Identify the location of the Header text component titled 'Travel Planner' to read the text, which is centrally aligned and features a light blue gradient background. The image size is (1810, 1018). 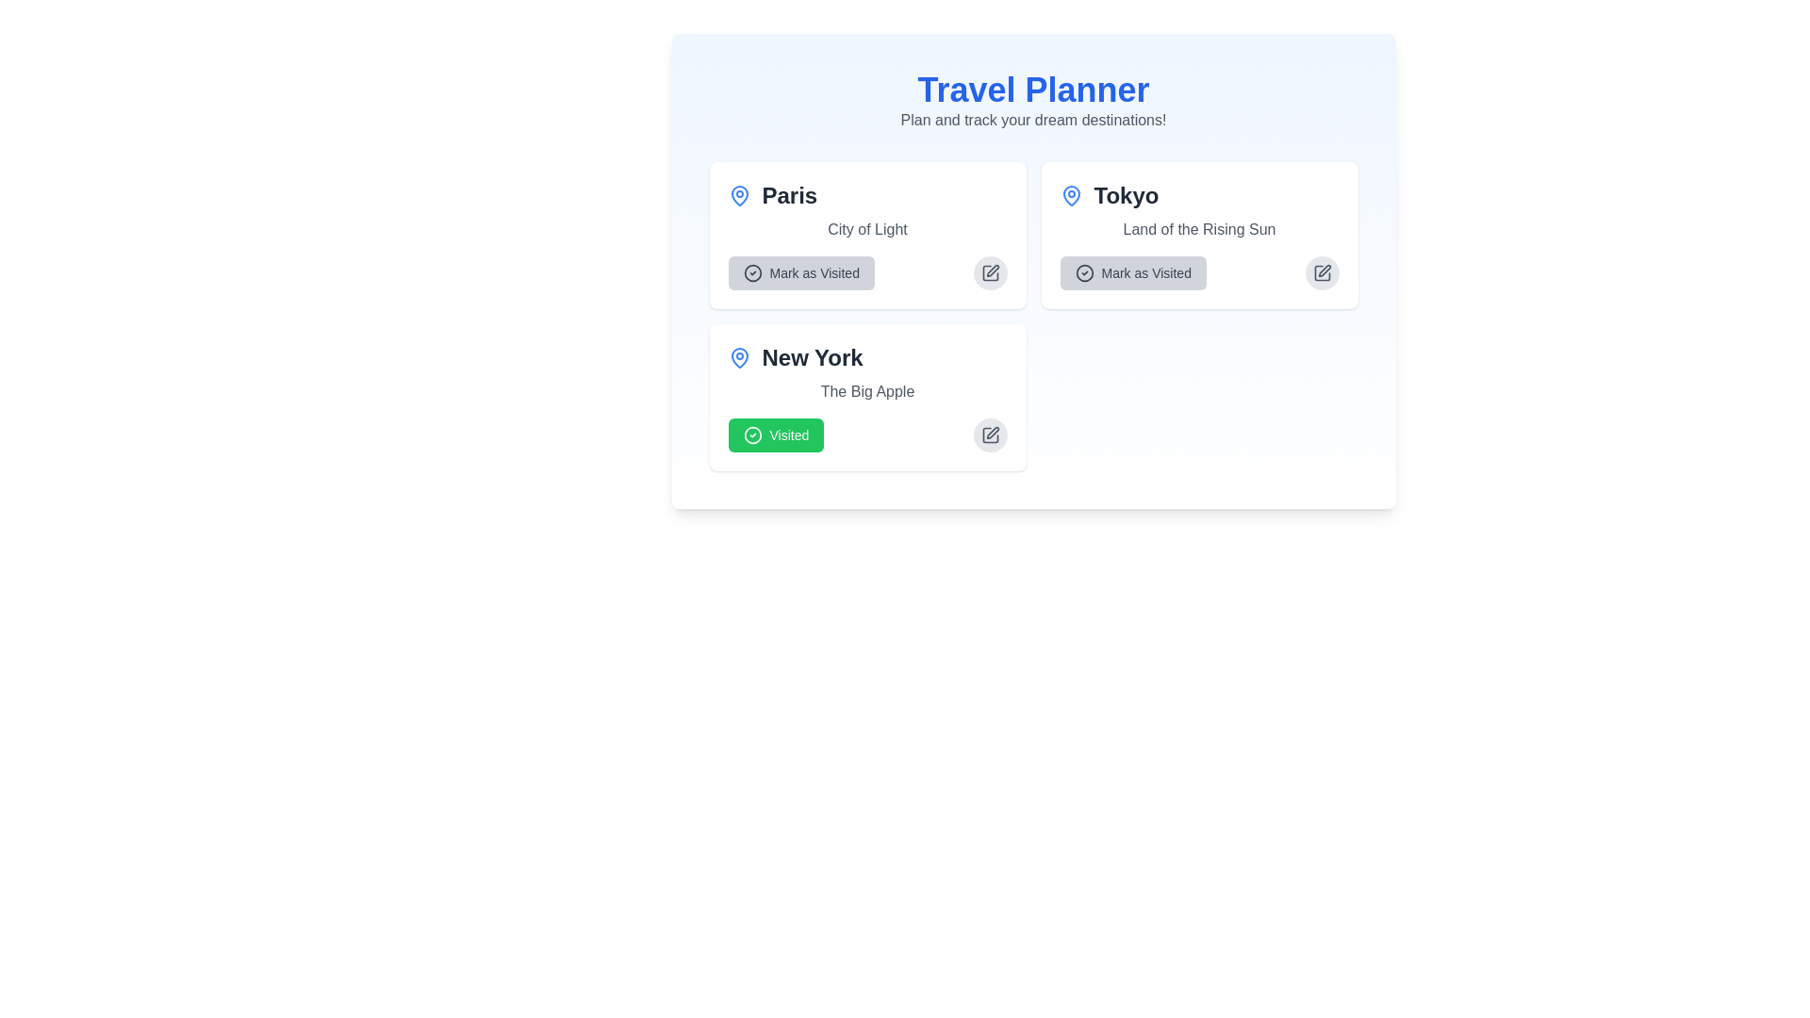
(1032, 102).